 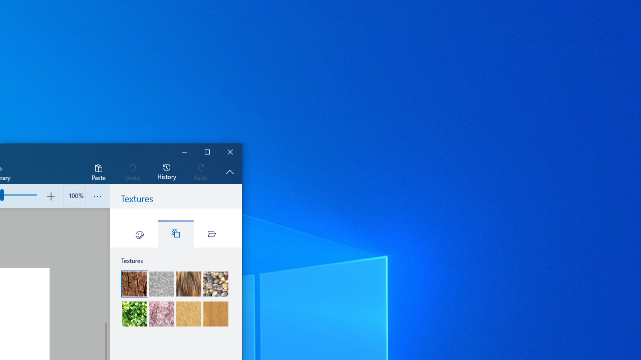 I want to click on 'Redo', so click(x=200, y=171).